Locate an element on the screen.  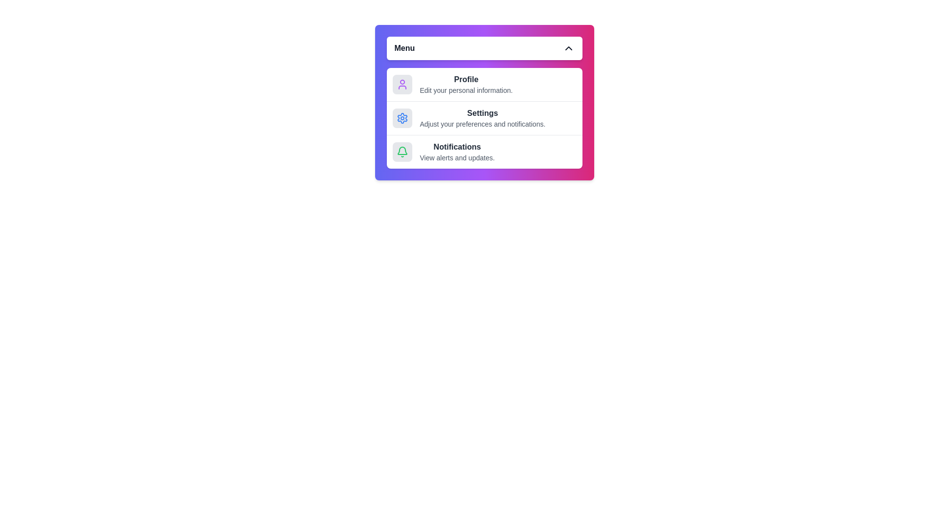
the toggle button to close the menu is located at coordinates (568, 48).